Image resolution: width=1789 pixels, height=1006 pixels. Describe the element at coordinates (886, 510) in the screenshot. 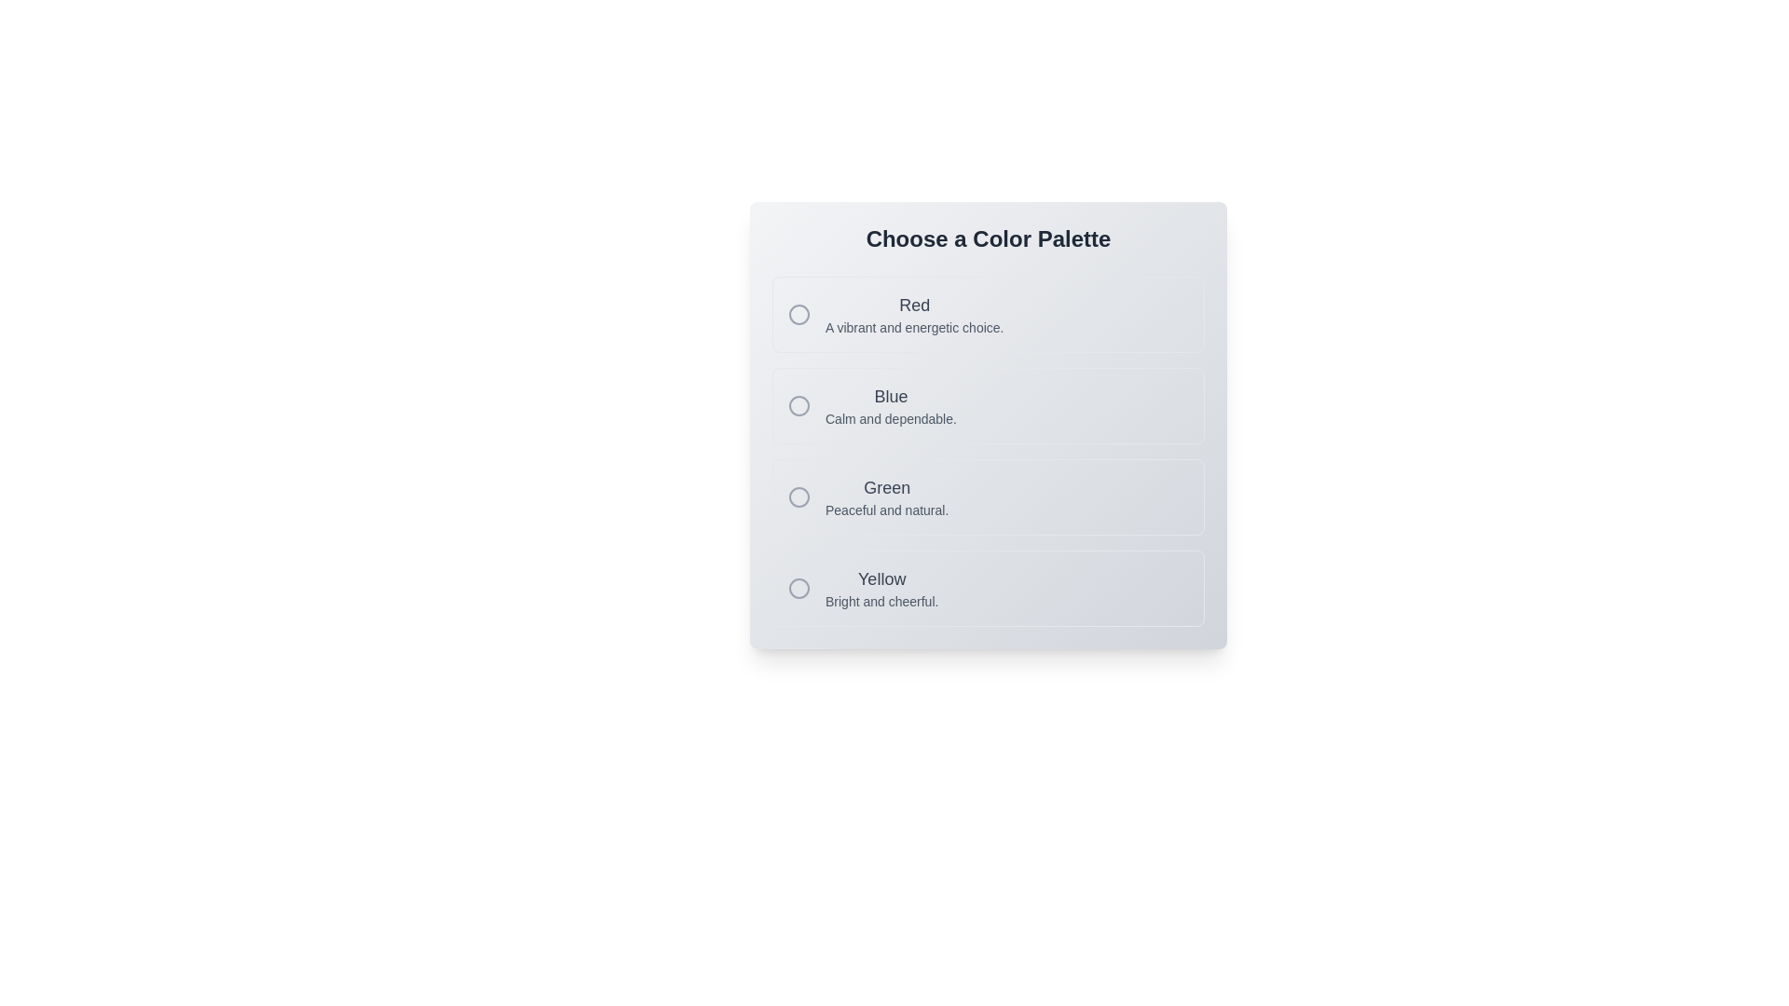

I see `the text label reading 'Peaceful and natural.' which is styled with a smaller font size and light gray color, positioned below the 'Green' option in the color palette selection menu` at that location.